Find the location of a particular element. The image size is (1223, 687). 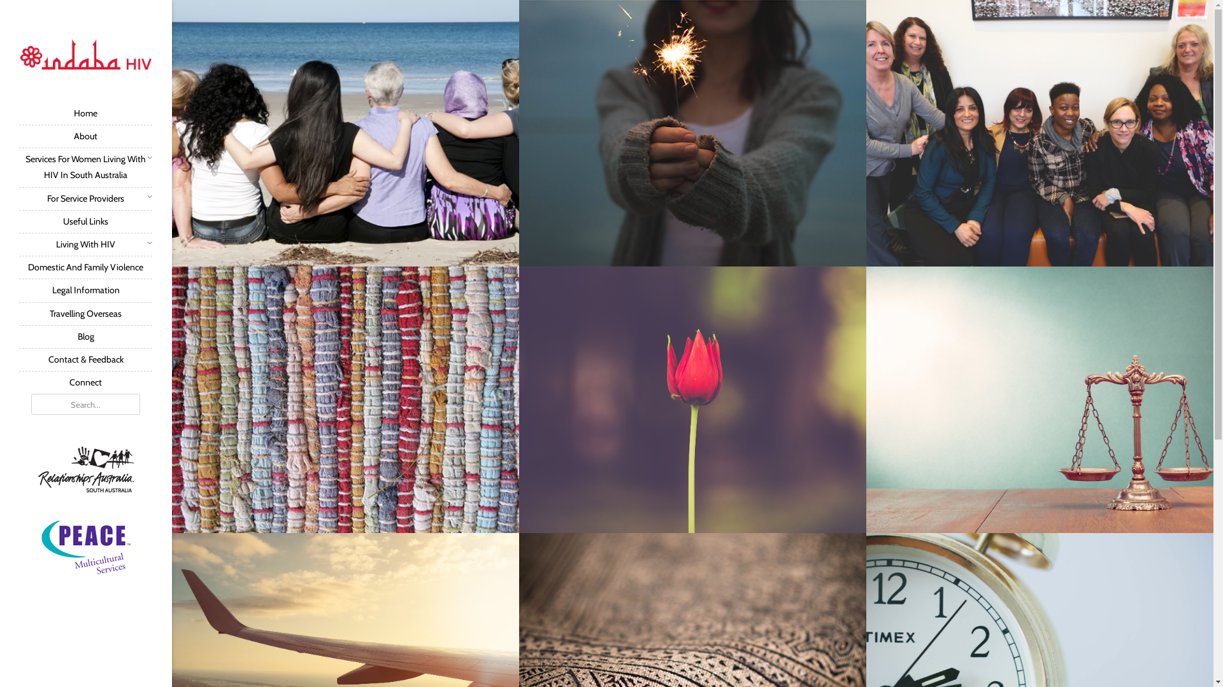

'For Service Providers' is located at coordinates (85, 198).